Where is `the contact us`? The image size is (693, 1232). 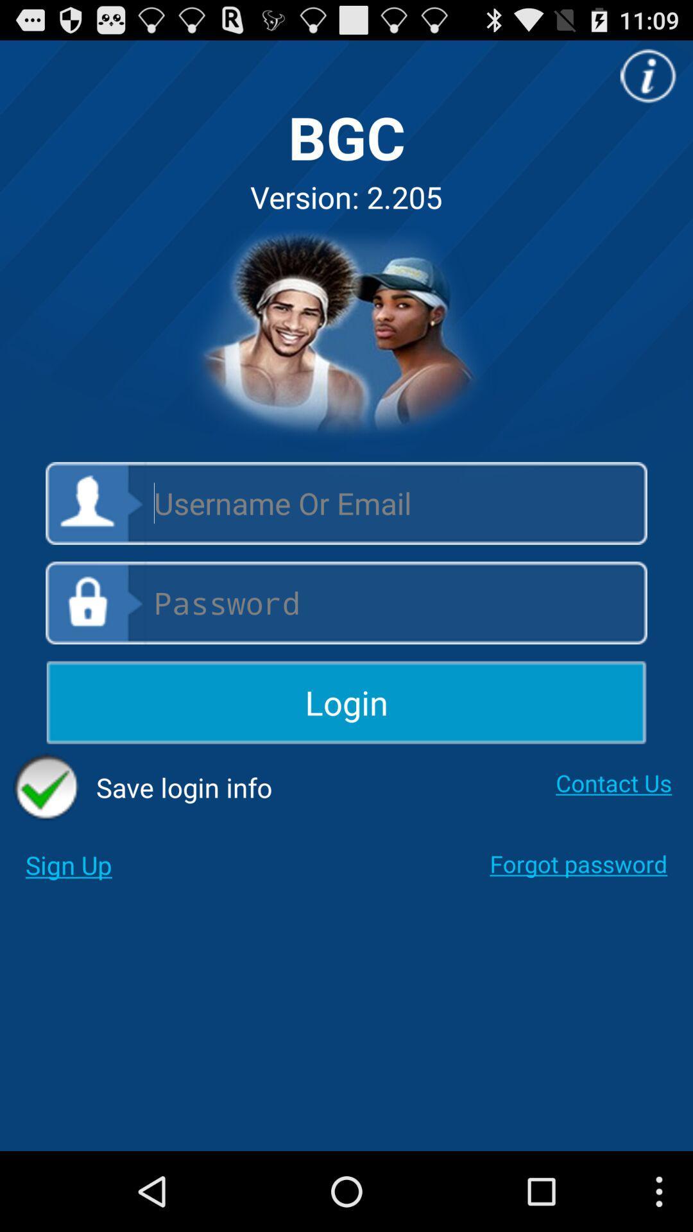 the contact us is located at coordinates (613, 782).